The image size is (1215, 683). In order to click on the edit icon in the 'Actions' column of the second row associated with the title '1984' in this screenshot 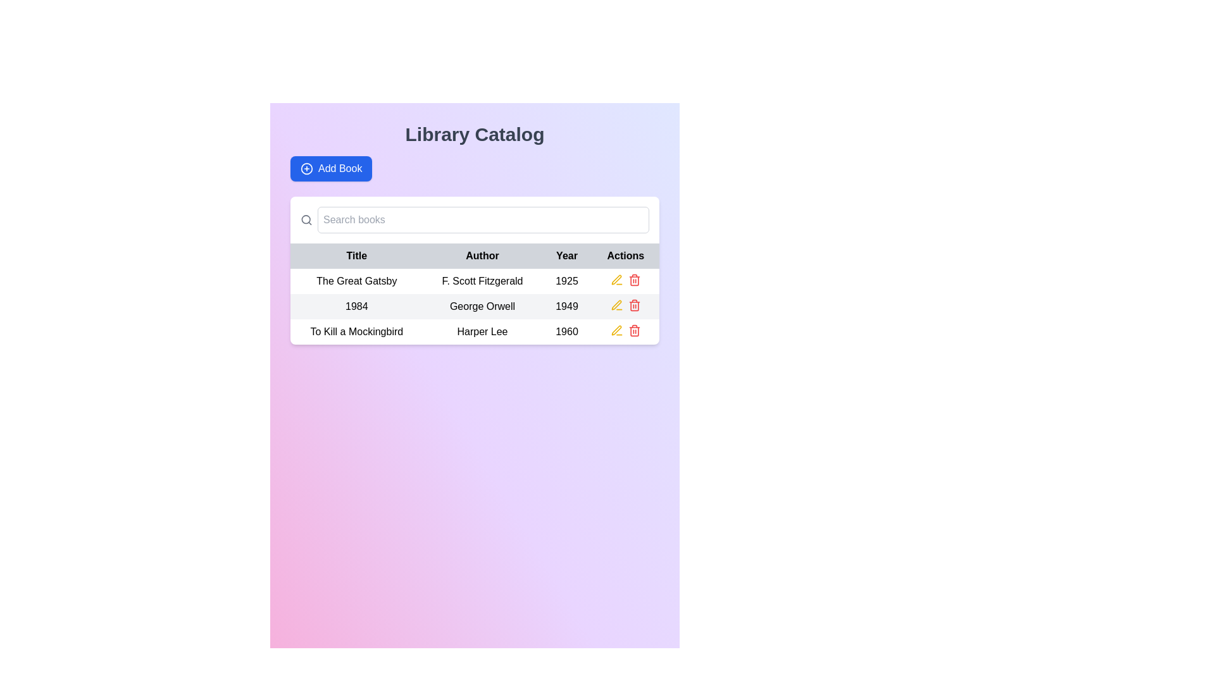, I will do `click(616, 330)`.